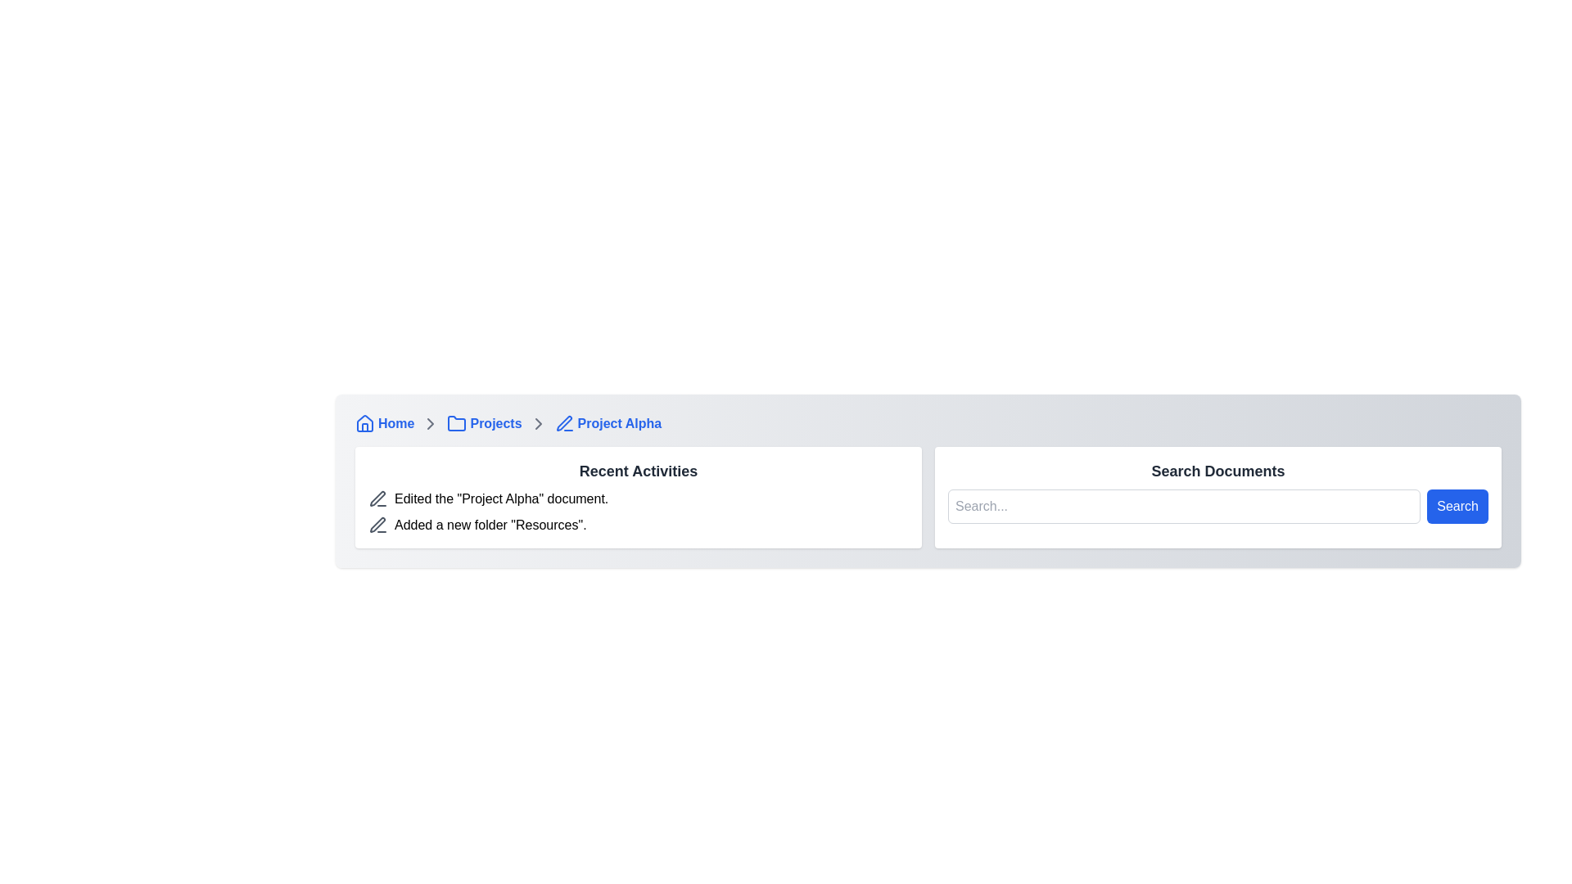 Image resolution: width=1572 pixels, height=884 pixels. I want to click on the right-facing chevron icon with a thin, rounded stroke in gray color, located in the breadcrumb navigation bar between 'Projects' and 'Project Alpha', so click(538, 422).